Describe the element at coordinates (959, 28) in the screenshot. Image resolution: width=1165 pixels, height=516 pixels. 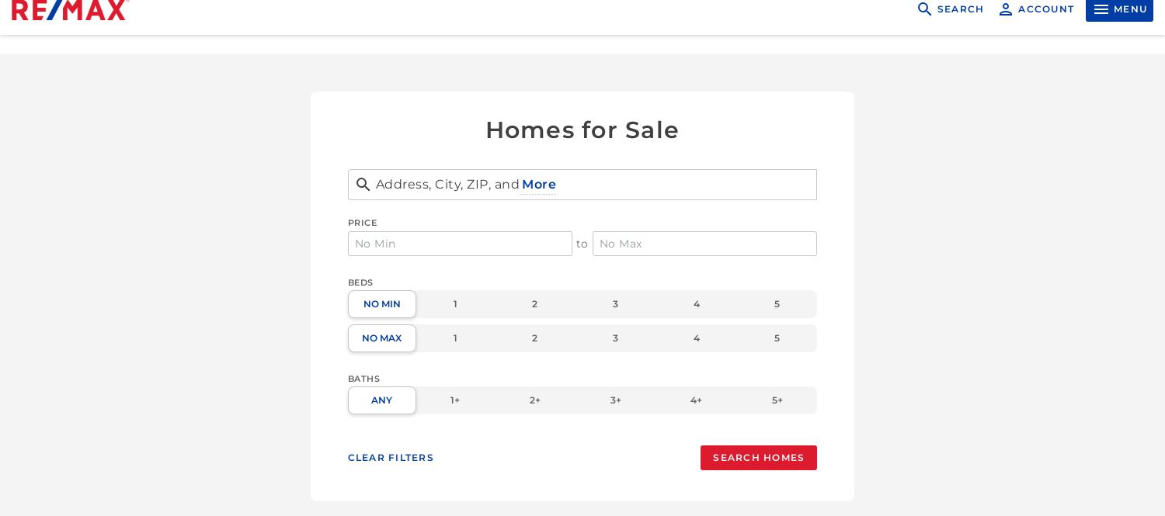
I see `'Search'` at that location.